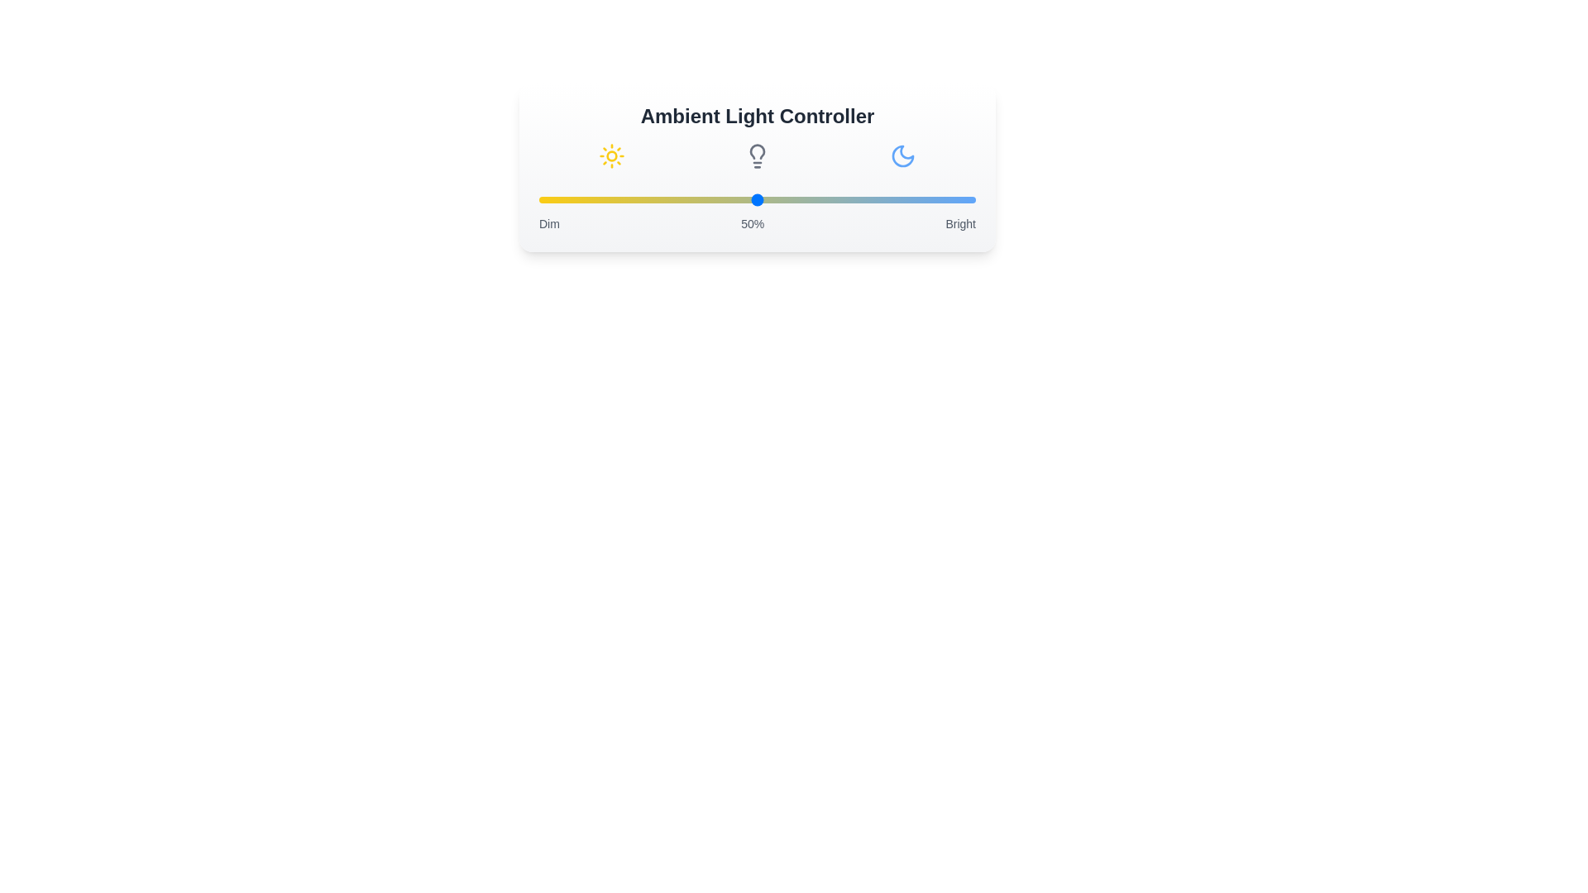  Describe the element at coordinates (582, 199) in the screenshot. I see `the light intensity to 10% by moving the slider` at that location.